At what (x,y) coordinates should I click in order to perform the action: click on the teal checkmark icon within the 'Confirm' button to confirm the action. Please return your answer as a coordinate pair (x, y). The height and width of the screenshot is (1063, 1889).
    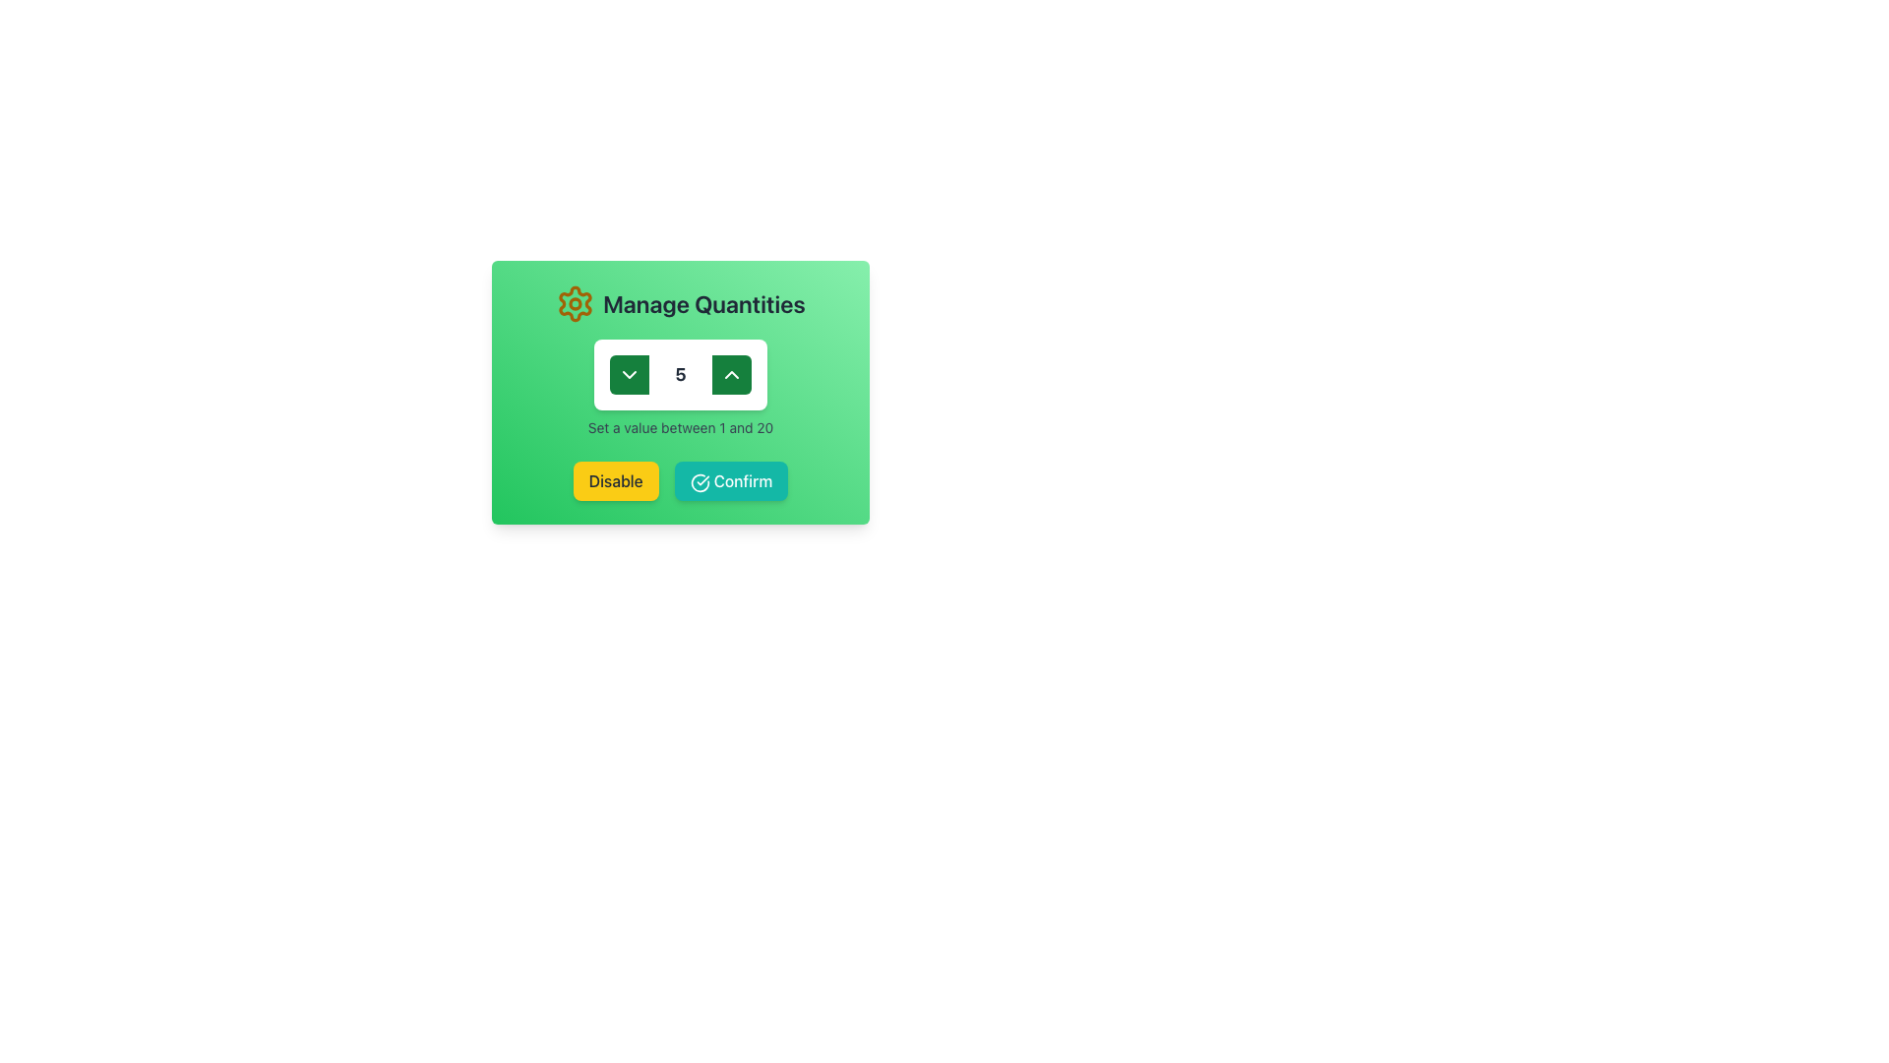
    Looking at the image, I should click on (700, 482).